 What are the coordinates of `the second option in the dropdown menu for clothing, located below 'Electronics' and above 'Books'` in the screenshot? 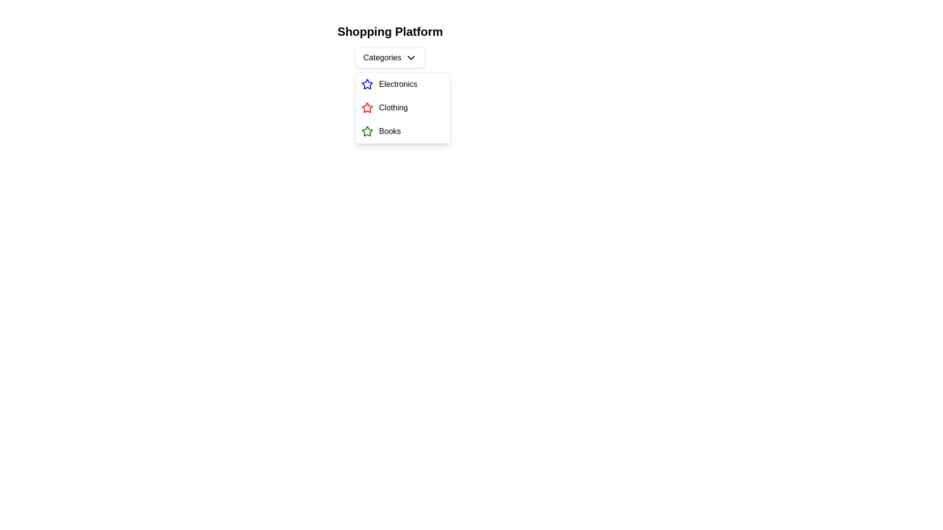 It's located at (402, 107).